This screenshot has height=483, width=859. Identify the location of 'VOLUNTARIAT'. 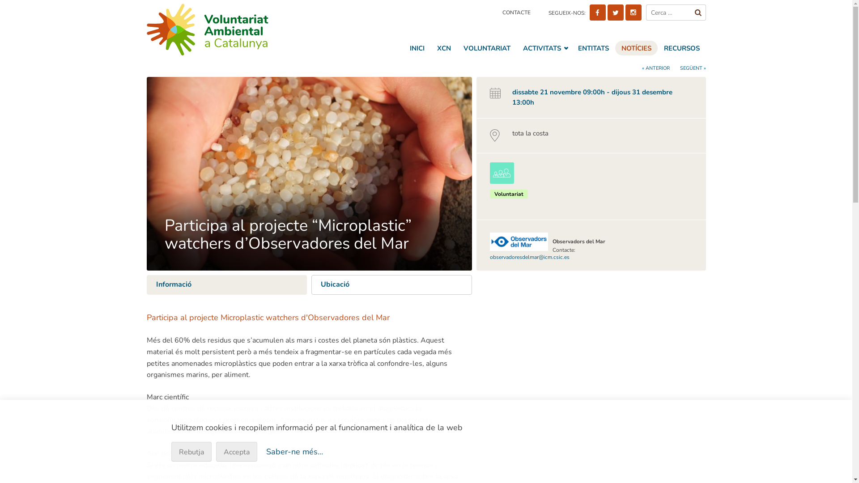
(486, 48).